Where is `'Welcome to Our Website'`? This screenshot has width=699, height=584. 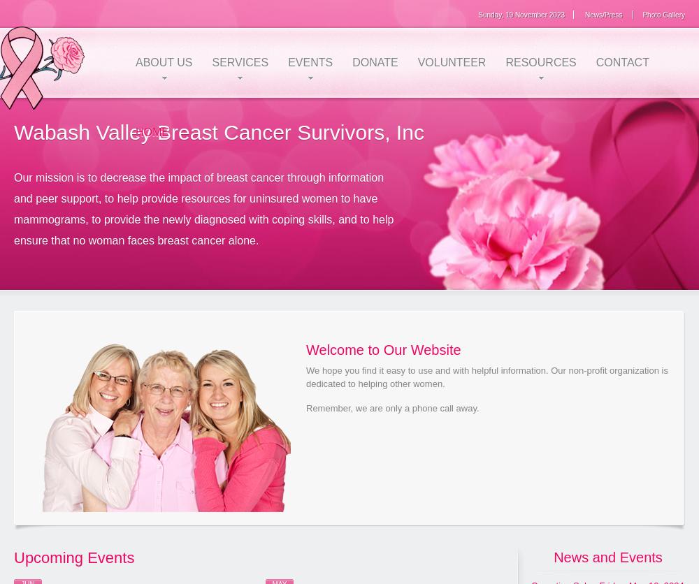
'Welcome to Our Website' is located at coordinates (383, 349).